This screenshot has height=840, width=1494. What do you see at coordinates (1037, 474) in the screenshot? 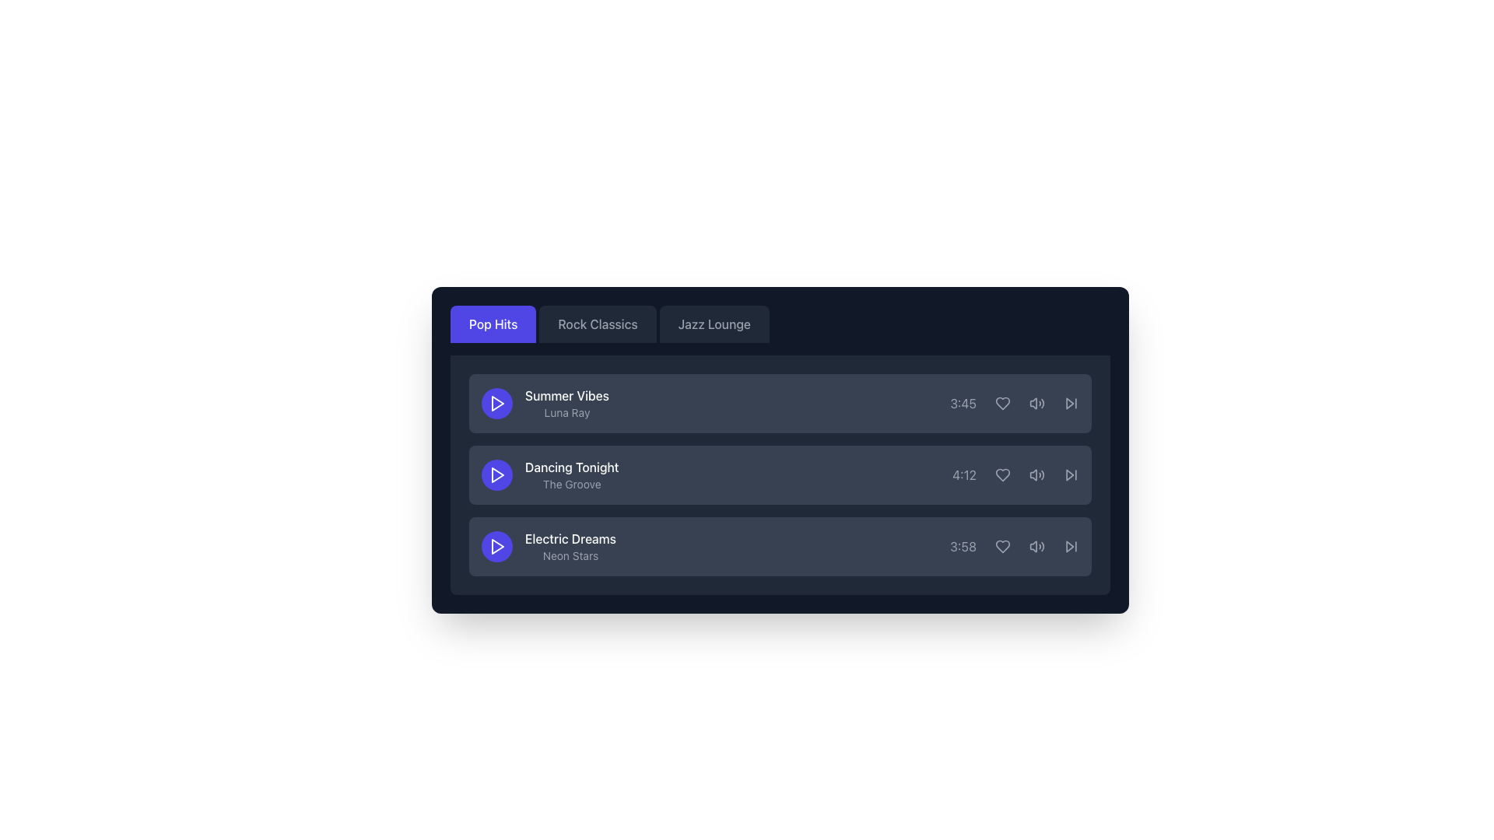
I see `the volume control icon located in the horizontal row of song controls, specifically the fourth element` at bounding box center [1037, 474].